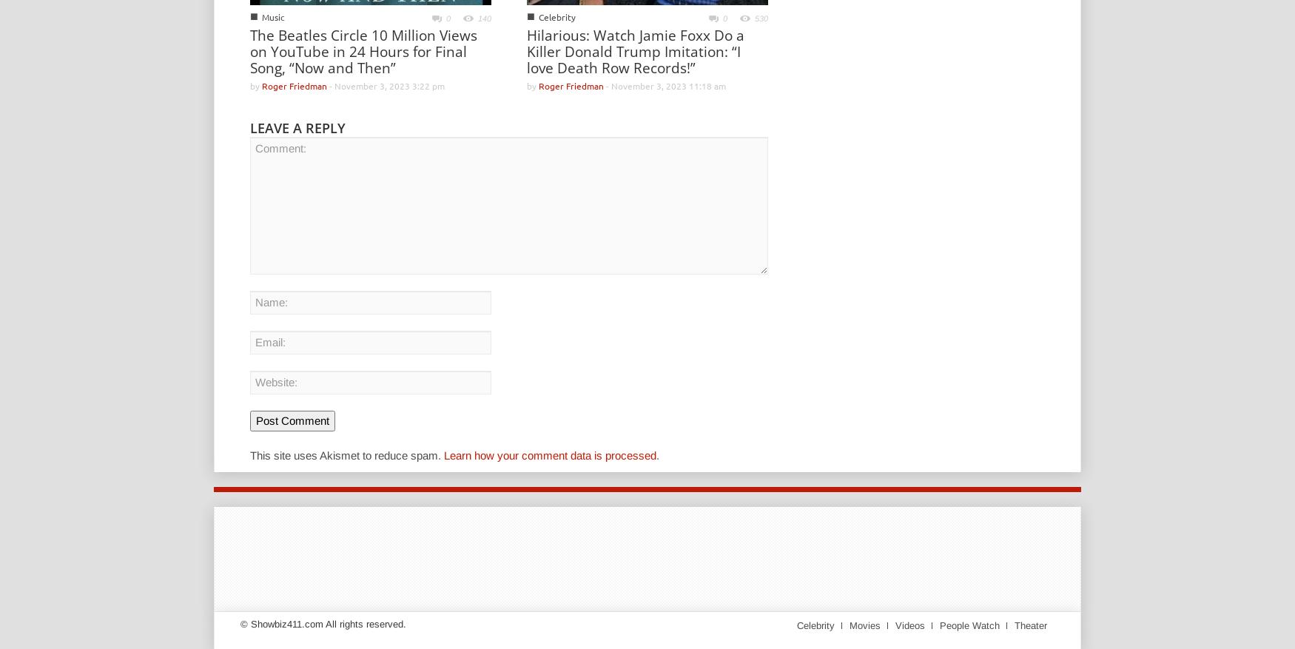 The image size is (1295, 649). What do you see at coordinates (657, 454) in the screenshot?
I see `'.'` at bounding box center [657, 454].